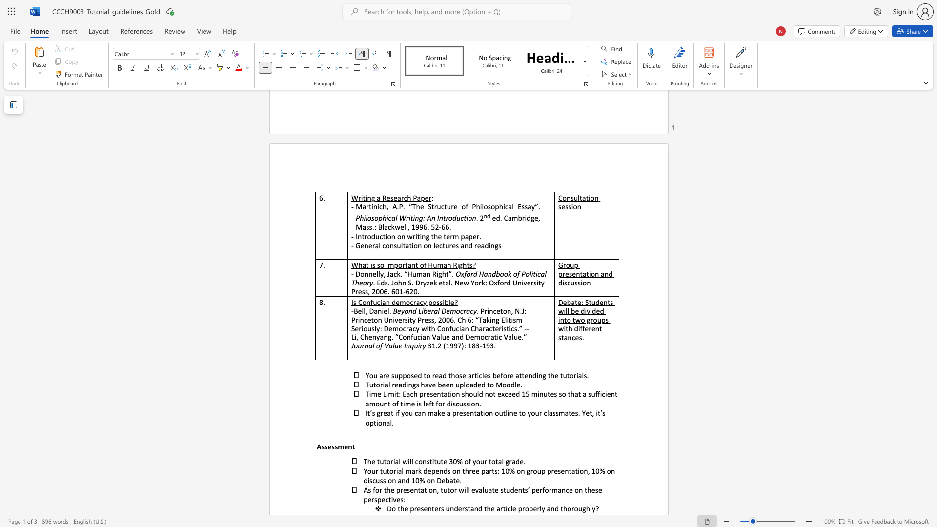 This screenshot has height=527, width=937. I want to click on the subset text "ood" within the text "Tutorial readings have been uploaded to Moodle.", so click(502, 384).